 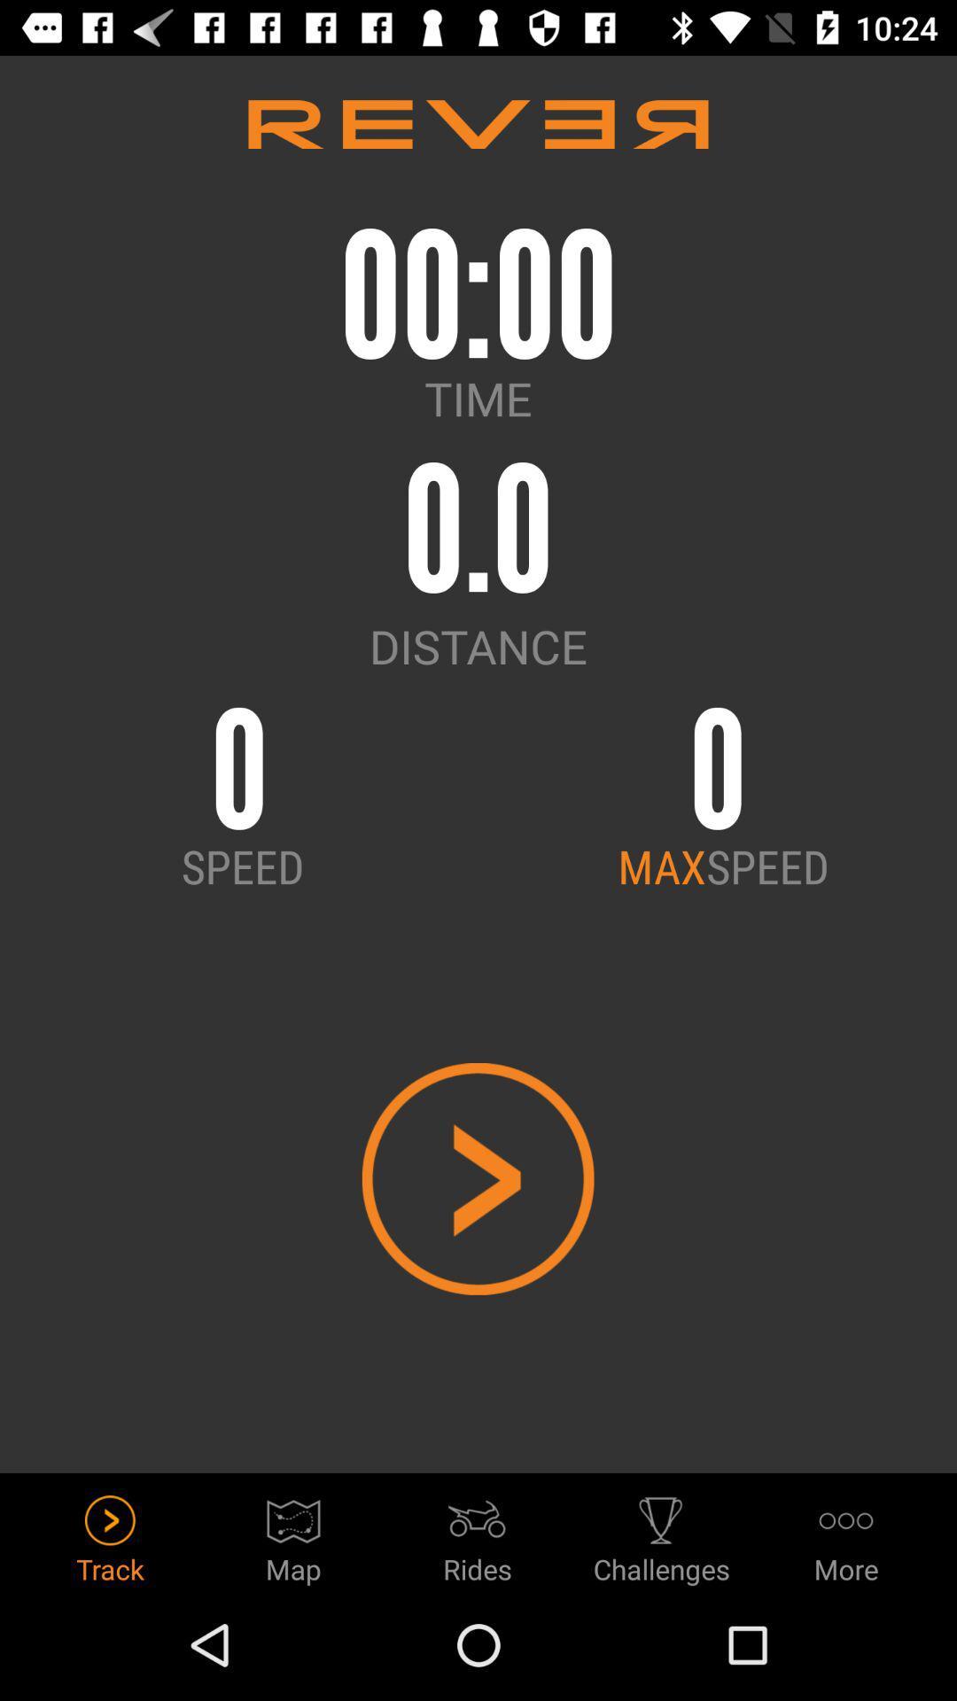 What do you see at coordinates (110, 1534) in the screenshot?
I see `item next to map icon` at bounding box center [110, 1534].